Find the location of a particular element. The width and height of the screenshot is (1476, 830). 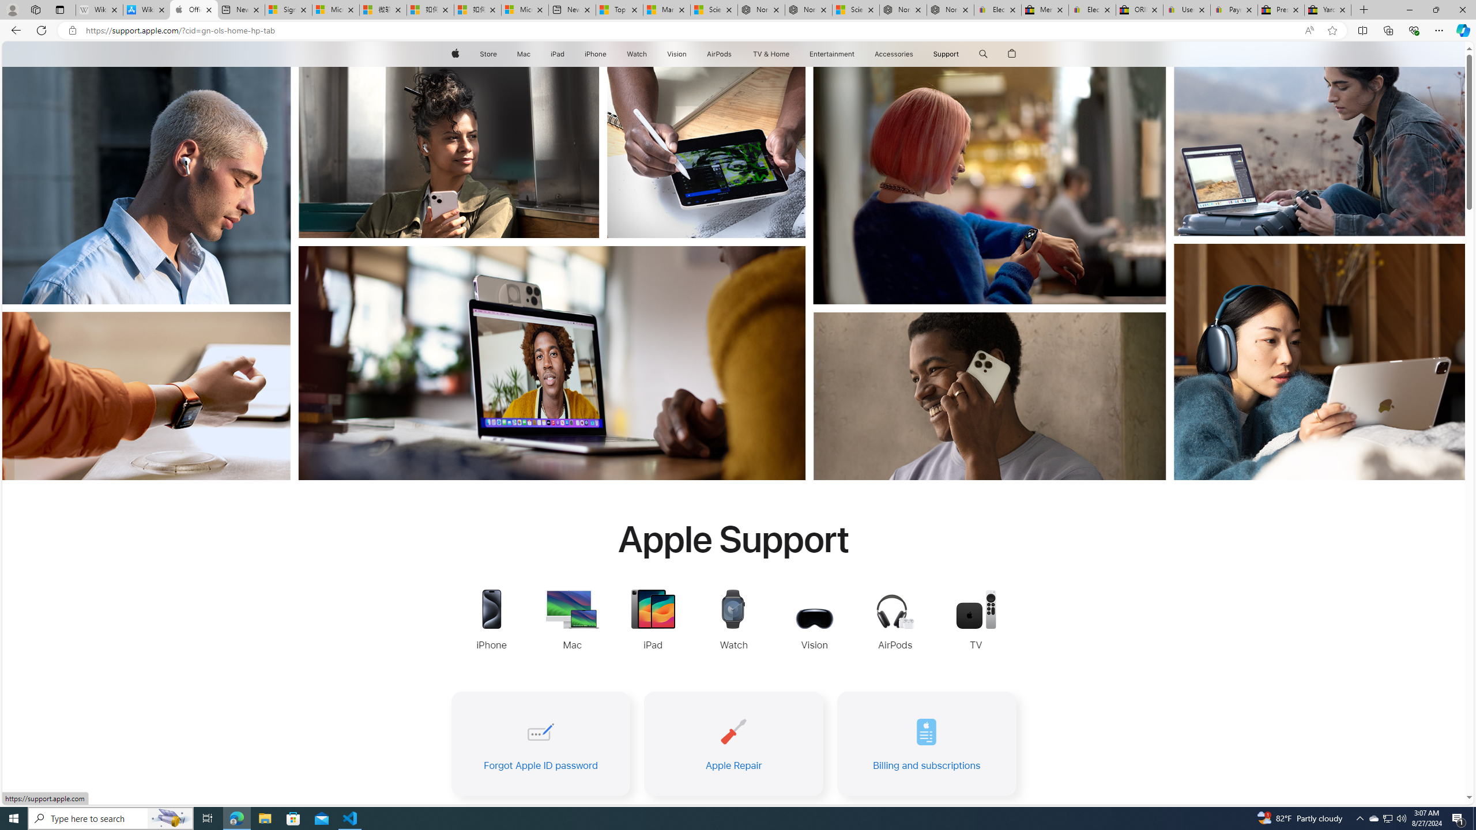

'Apple' is located at coordinates (454, 54).